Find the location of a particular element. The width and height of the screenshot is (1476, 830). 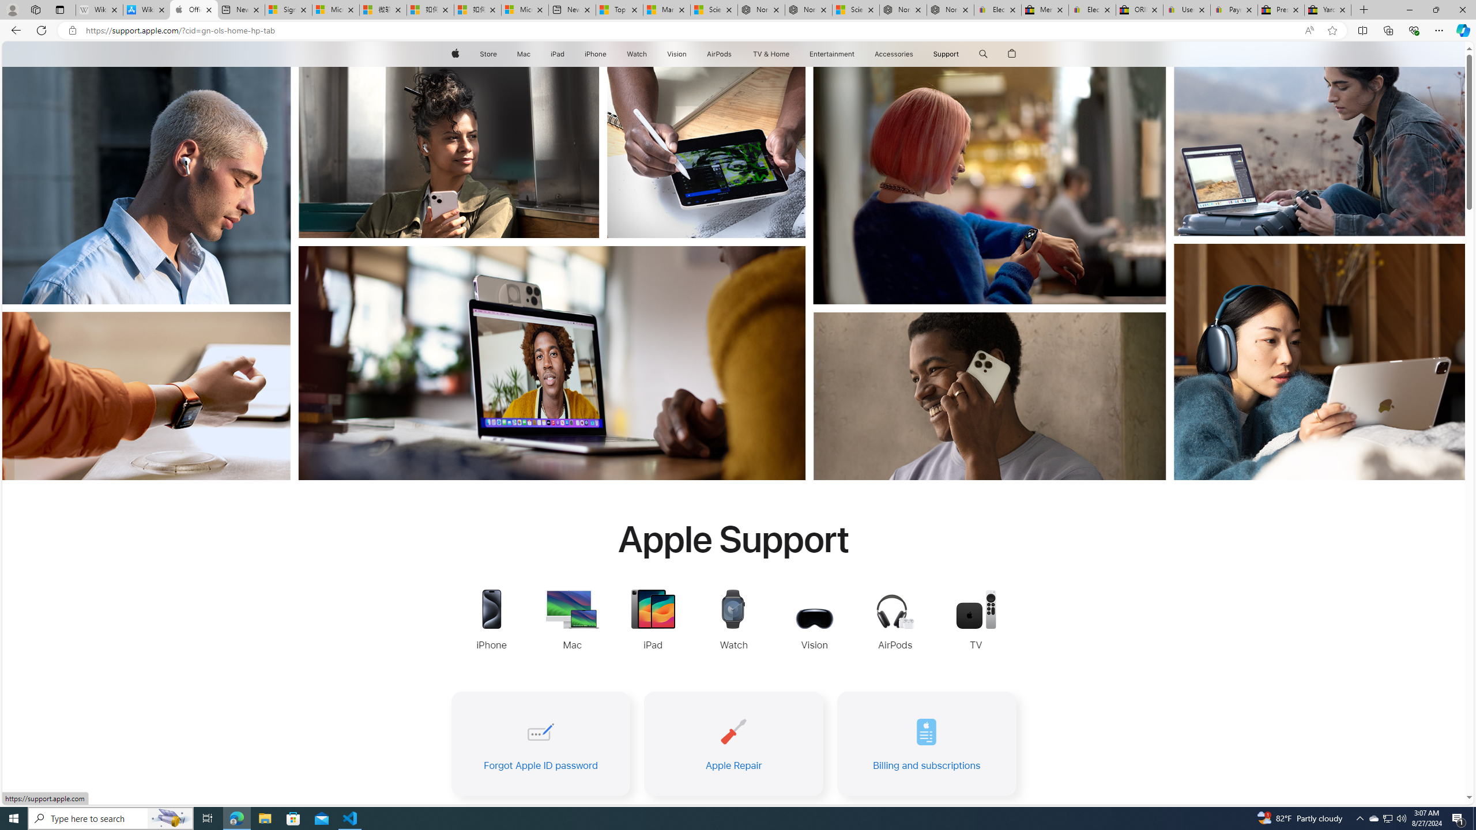

'Apple' is located at coordinates (454, 54).